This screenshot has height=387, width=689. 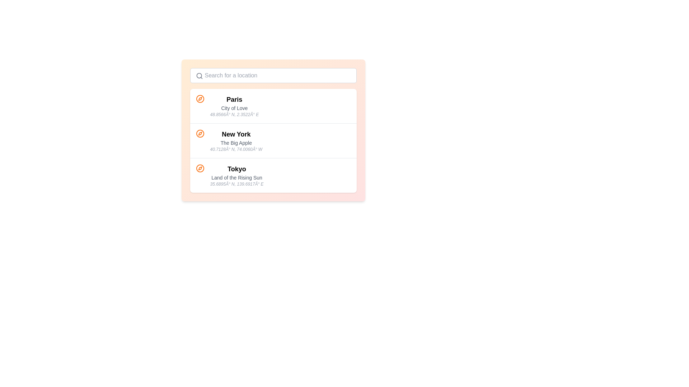 I want to click on the text label displaying 'The Big Apple', which is a small-sized, gray-styled font positioned beneath the 'New York' heading in the interface, so click(x=236, y=143).